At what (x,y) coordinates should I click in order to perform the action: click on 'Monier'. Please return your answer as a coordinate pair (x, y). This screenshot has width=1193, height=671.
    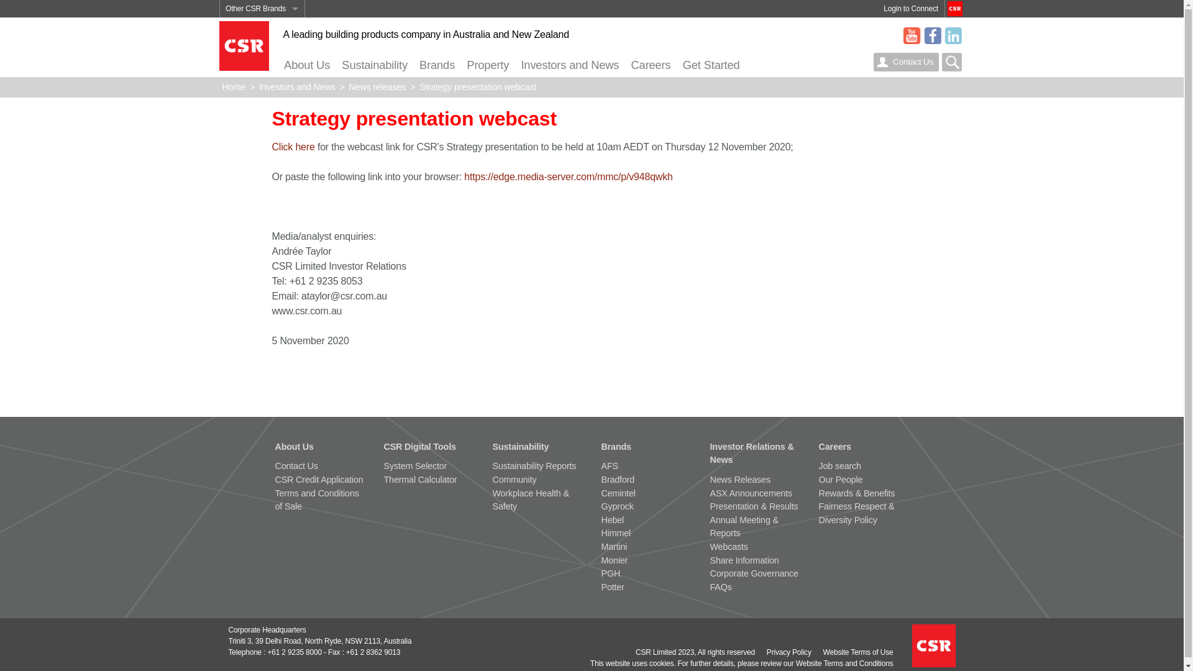
    Looking at the image, I should click on (615, 560).